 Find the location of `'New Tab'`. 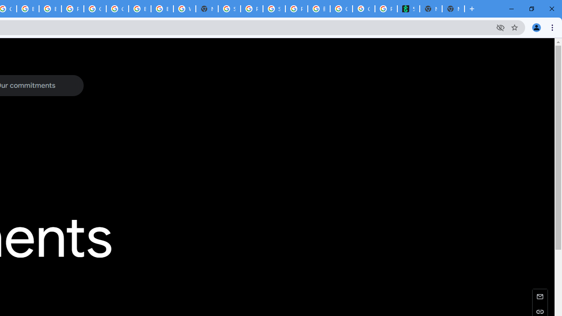

'New Tab' is located at coordinates (453, 9).